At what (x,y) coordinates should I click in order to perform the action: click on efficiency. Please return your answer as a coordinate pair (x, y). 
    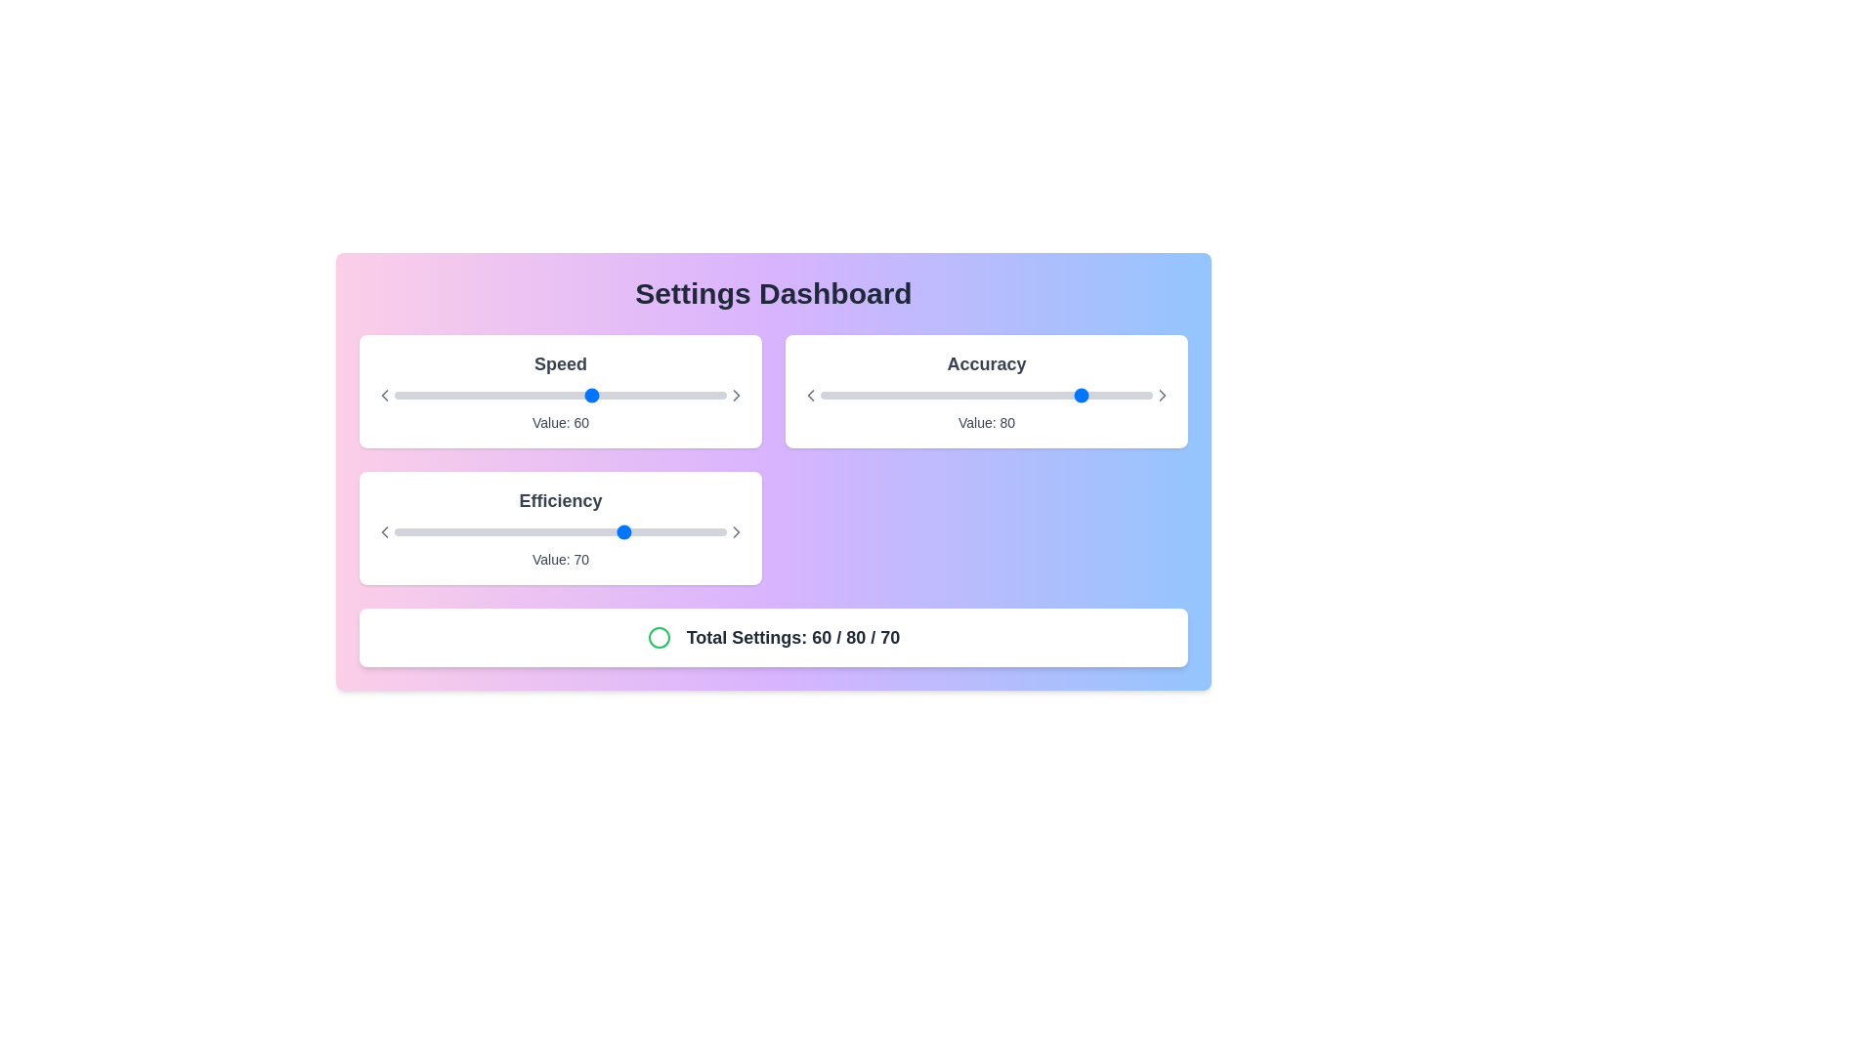
    Looking at the image, I should click on (619, 531).